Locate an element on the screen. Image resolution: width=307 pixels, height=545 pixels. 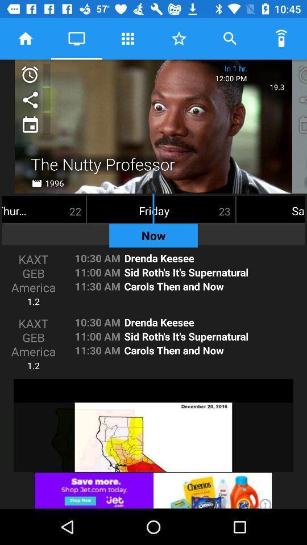
the date_range icon is located at coordinates (30, 124).